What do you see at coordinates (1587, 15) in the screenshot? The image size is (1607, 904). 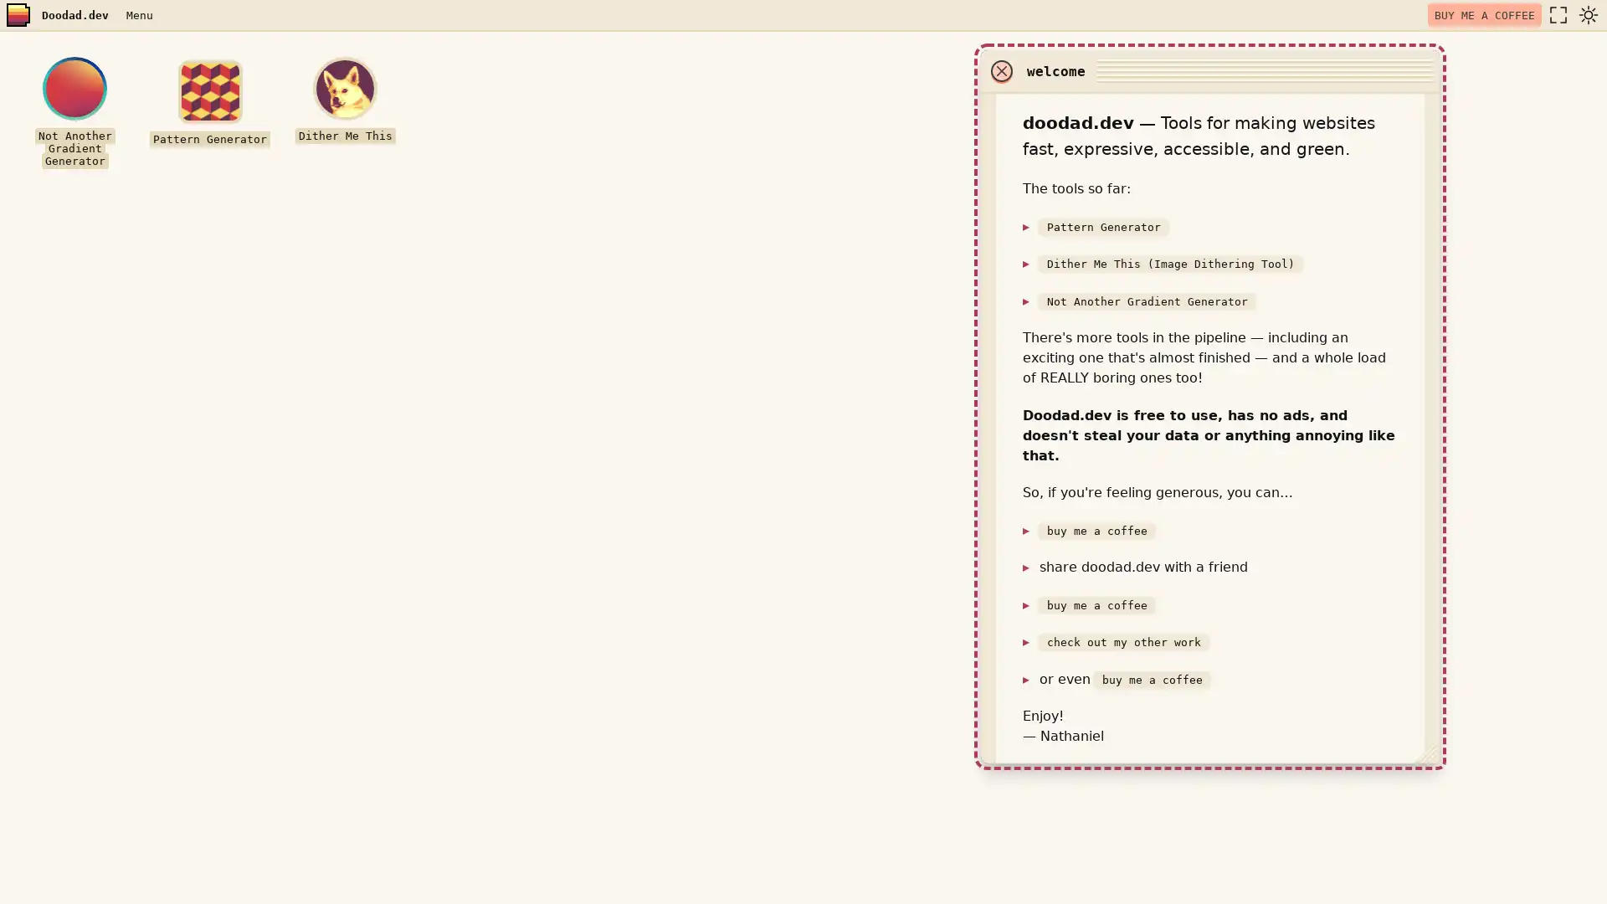 I see `dark mode toggle` at bounding box center [1587, 15].